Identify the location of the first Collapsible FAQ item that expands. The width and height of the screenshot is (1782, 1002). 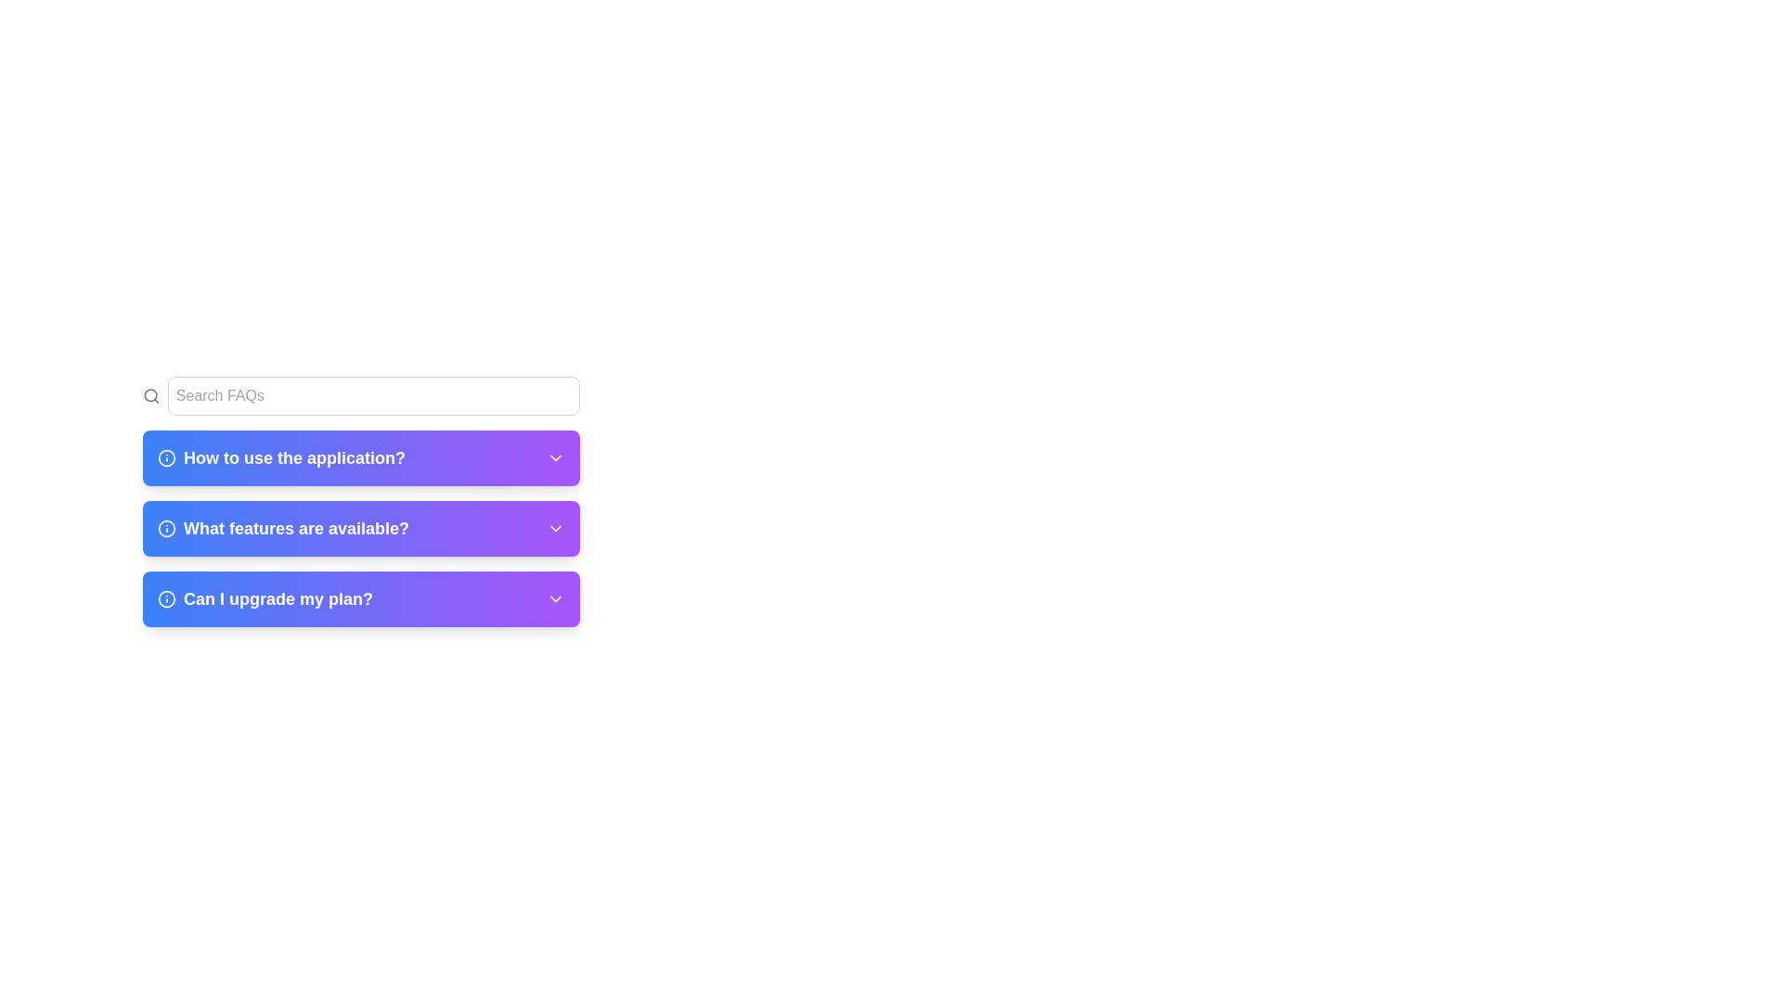
(361, 457).